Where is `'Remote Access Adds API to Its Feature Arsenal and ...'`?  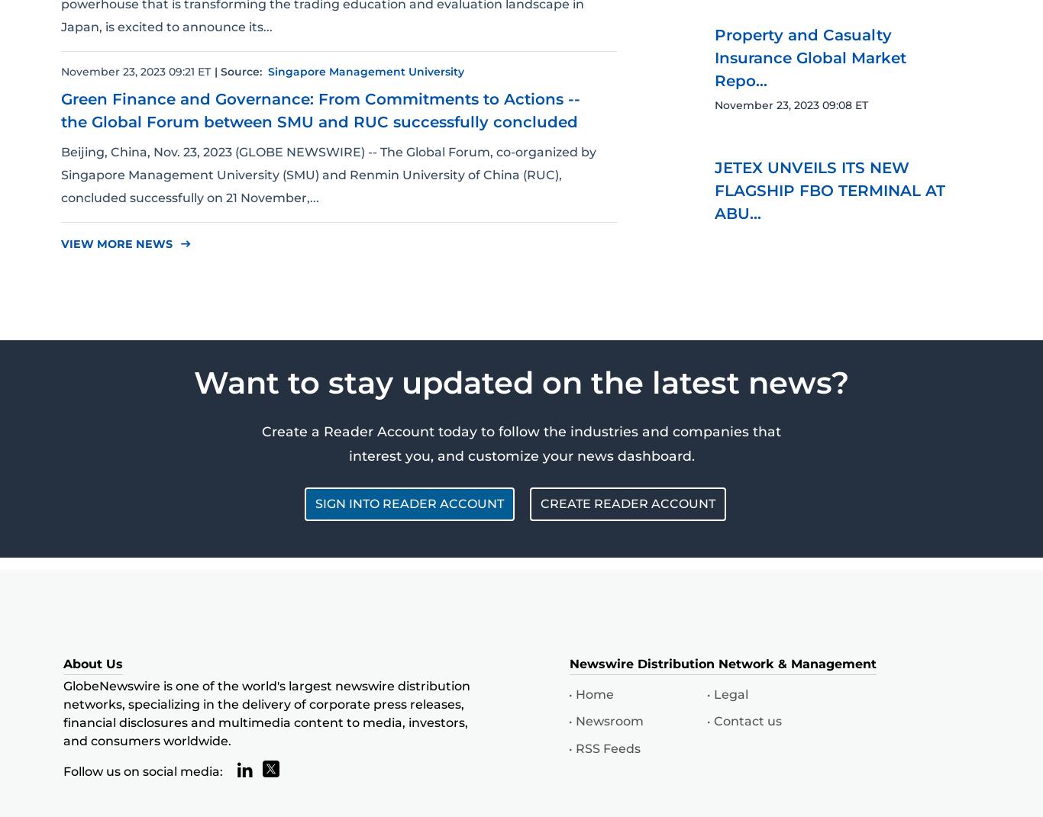 'Remote Access Adds API to Its Feature Arsenal and ...' is located at coordinates (835, 420).